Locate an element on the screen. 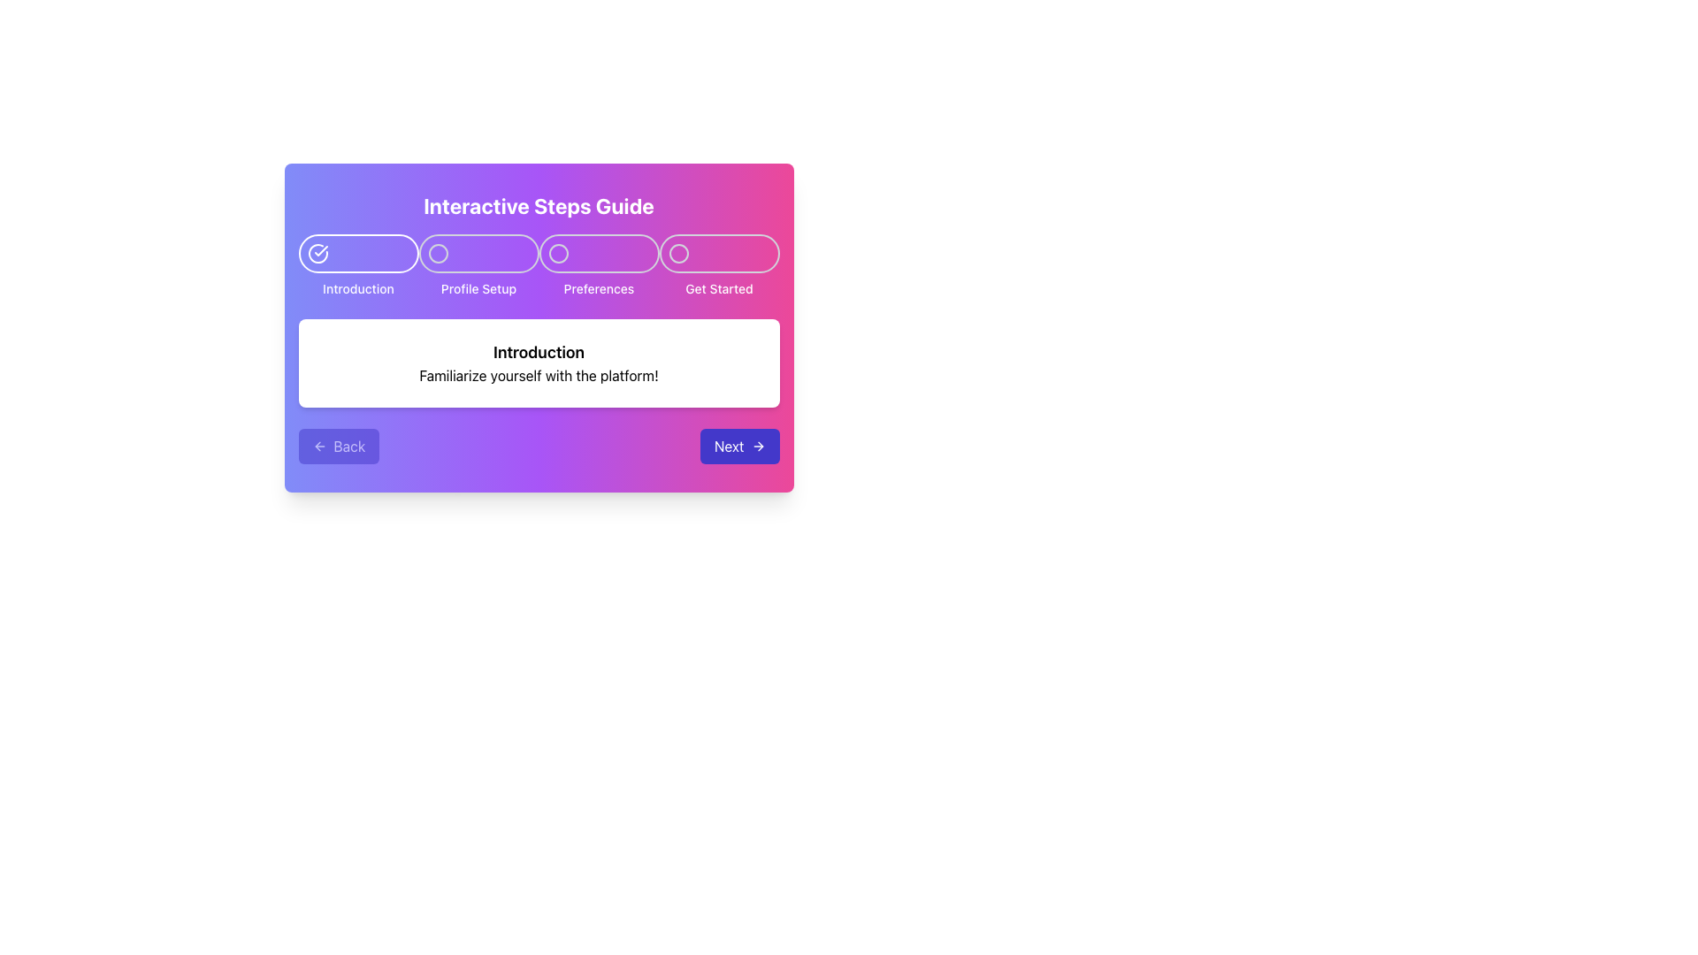  the inner circle of the 'Profile Setup' step in the horizontal step progression interface, which is the second circle from the left is located at coordinates (438, 253).